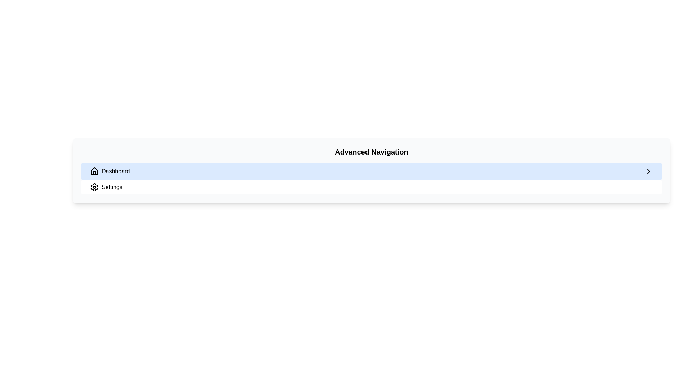 Image resolution: width=692 pixels, height=389 pixels. Describe the element at coordinates (116, 171) in the screenshot. I see `the 'Dashboard' text label, which is bold and dark, located in a light blue highlighted area next to a house-shaped icon` at that location.